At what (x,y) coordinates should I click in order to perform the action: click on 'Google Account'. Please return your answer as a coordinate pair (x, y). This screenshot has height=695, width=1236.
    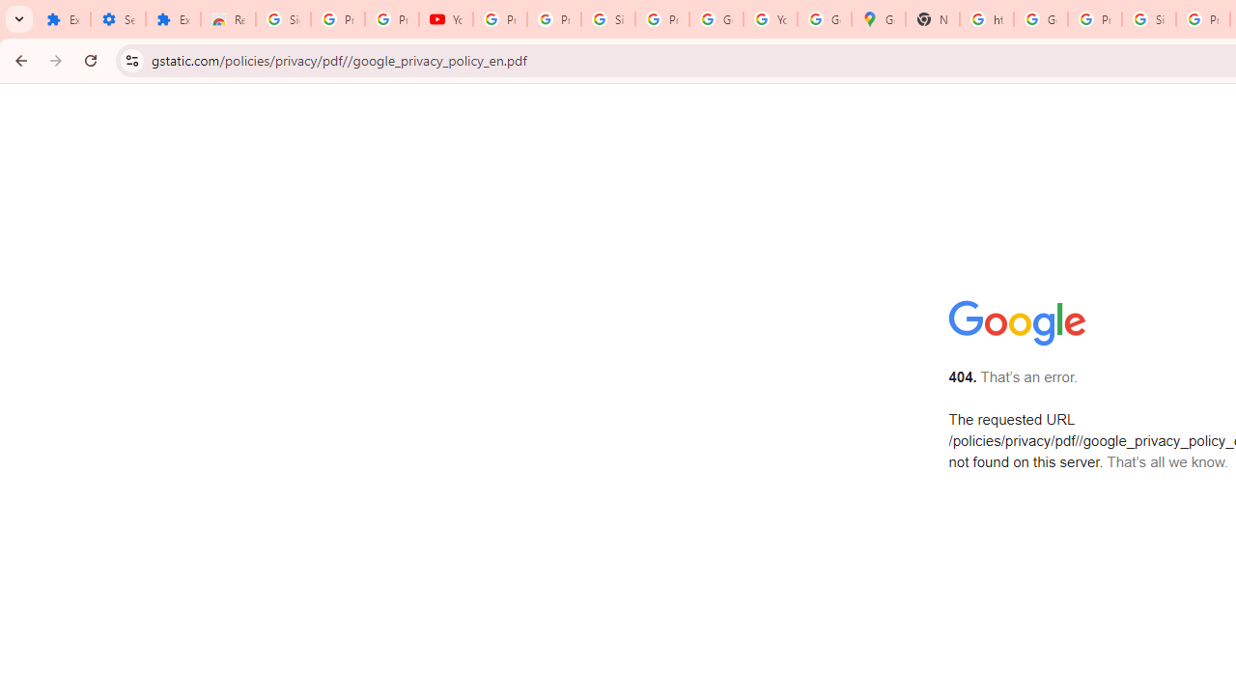
    Looking at the image, I should click on (716, 19).